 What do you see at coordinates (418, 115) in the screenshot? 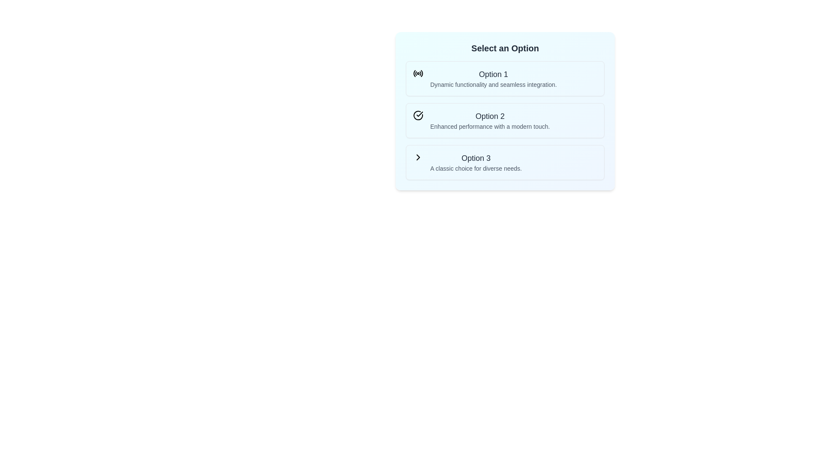
I see `the graphical icon associated with 'Option 2' to inspect its functionality` at bounding box center [418, 115].